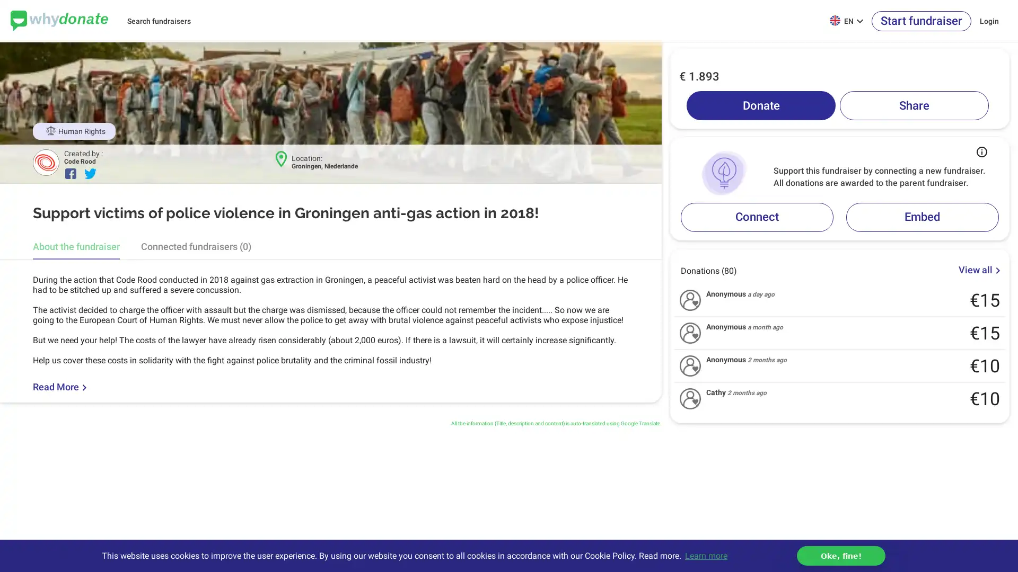  Describe the element at coordinates (840, 555) in the screenshot. I see `dismiss cookie message` at that location.